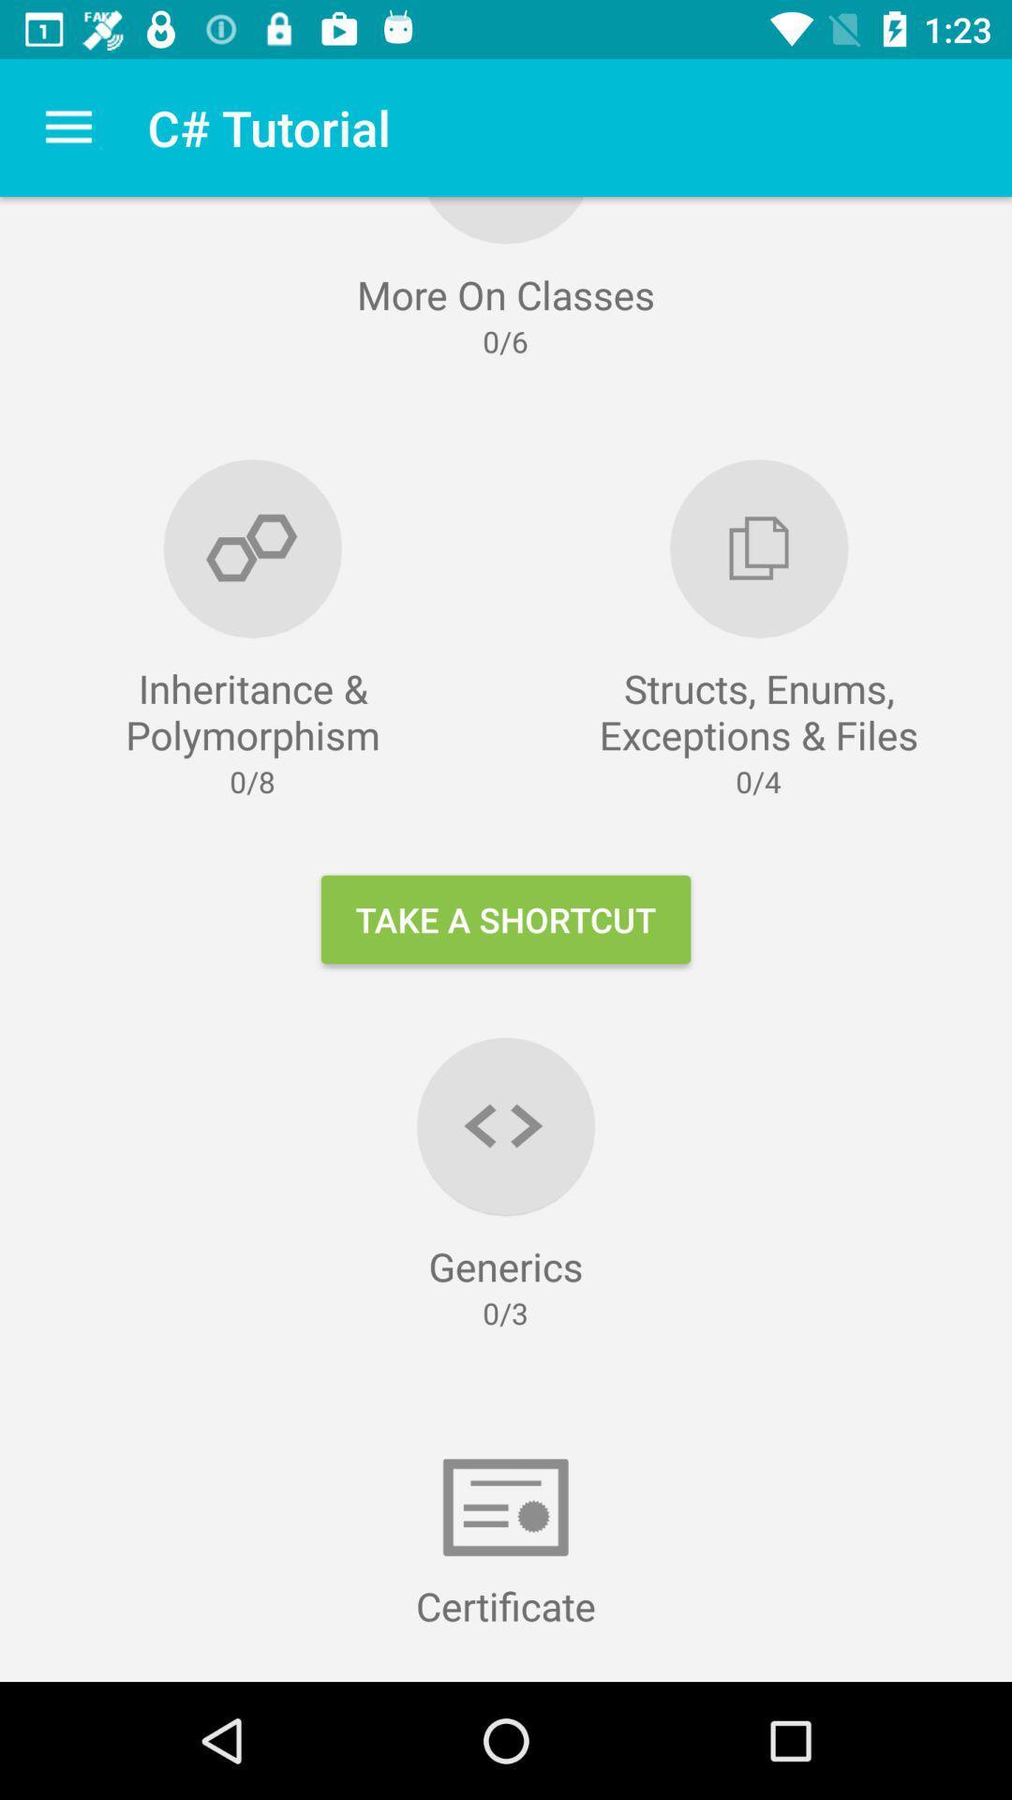 The width and height of the screenshot is (1012, 1800). Describe the element at coordinates (506, 1125) in the screenshot. I see `left right arrow icon` at that location.